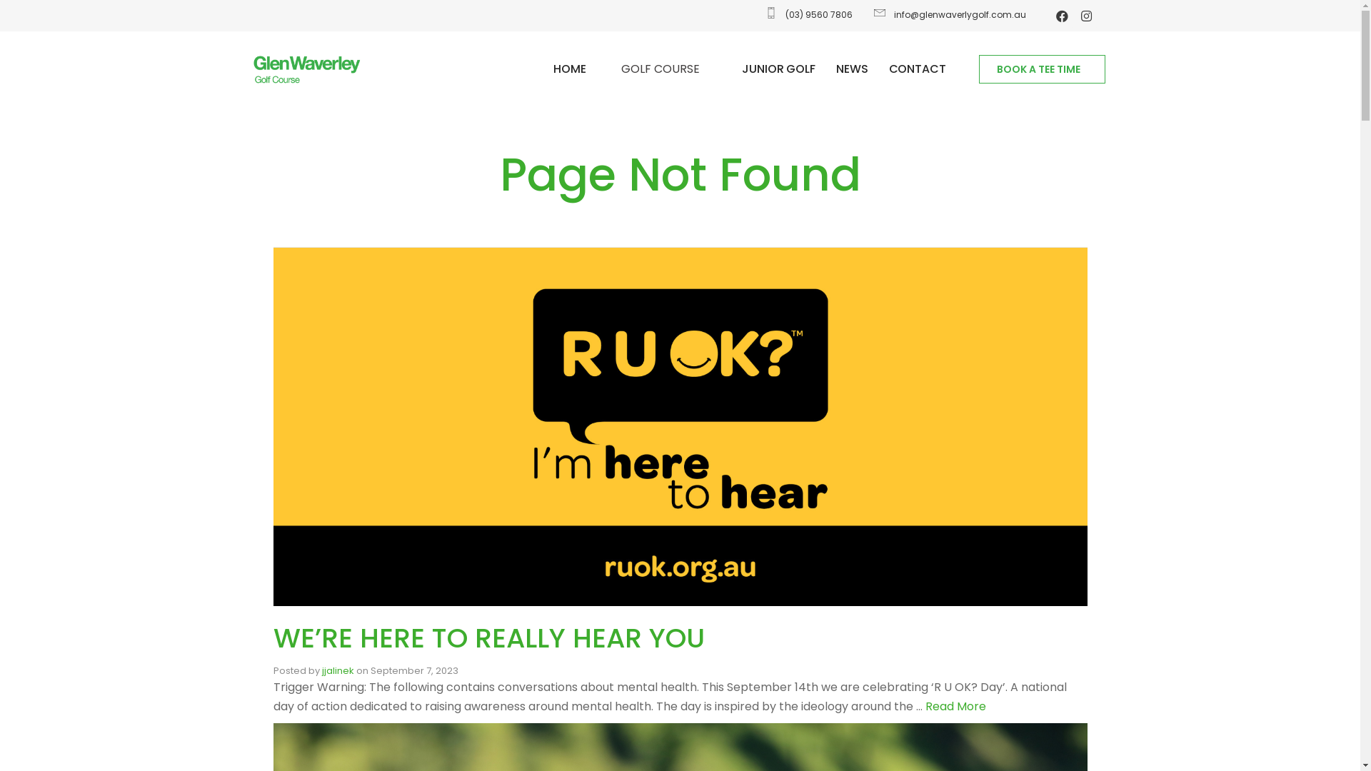 Image resolution: width=1371 pixels, height=771 pixels. Describe the element at coordinates (1042, 69) in the screenshot. I see `'BOOK A TEE TIME'` at that location.